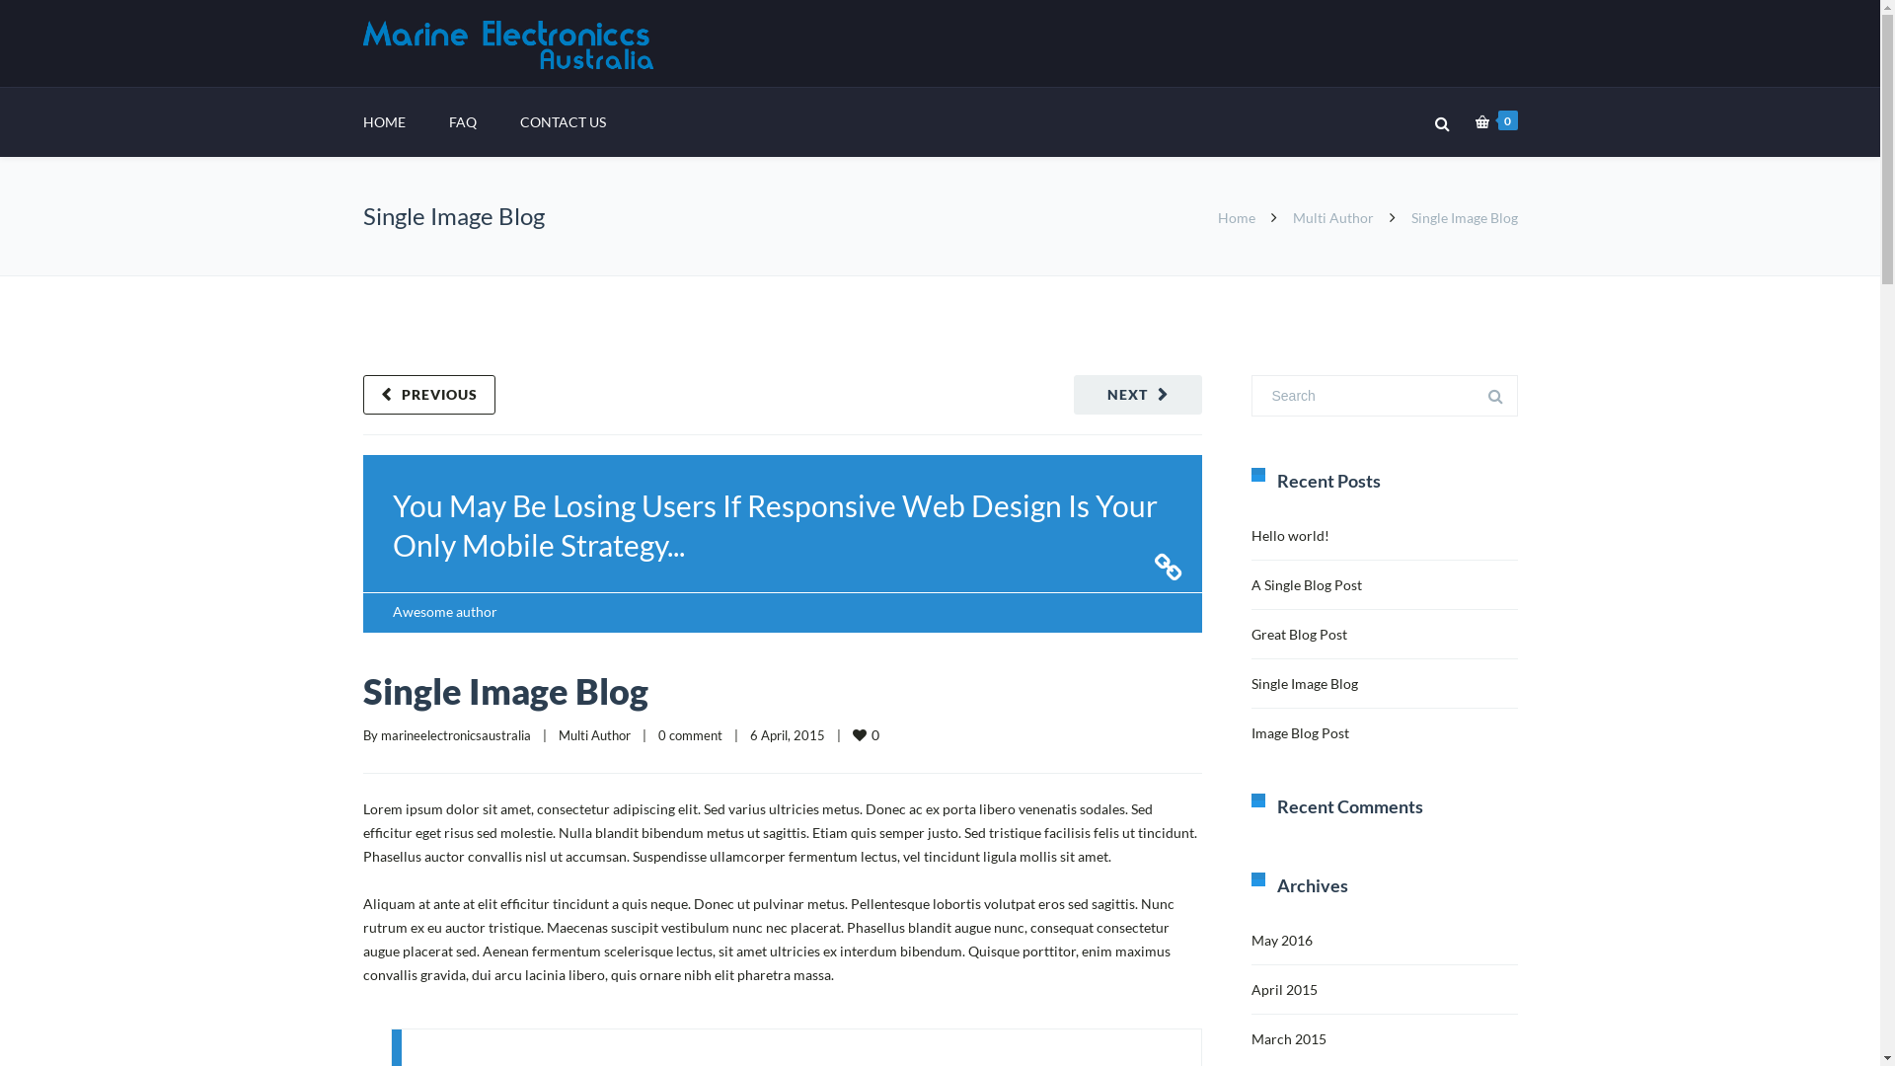  I want to click on 'PREVIOUS', so click(428, 395).